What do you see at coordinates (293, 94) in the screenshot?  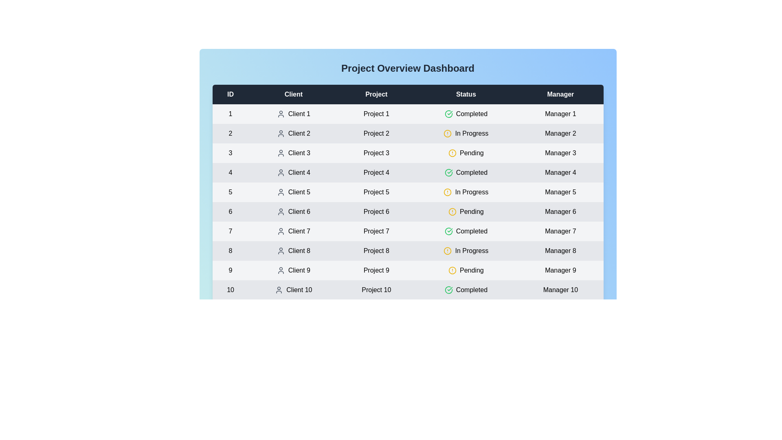 I see `the table header Client to sort the column` at bounding box center [293, 94].